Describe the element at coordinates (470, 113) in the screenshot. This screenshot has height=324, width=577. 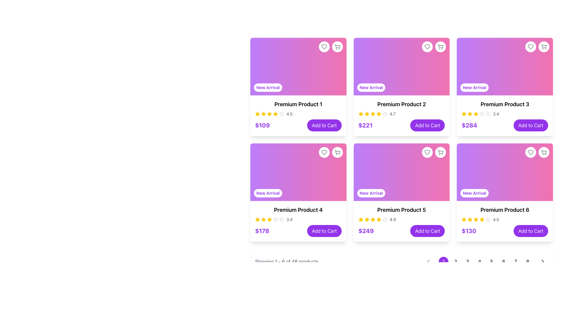
I see `the first star in the star rating indicator of the 'Premium Product 3' card to rate the product` at that location.